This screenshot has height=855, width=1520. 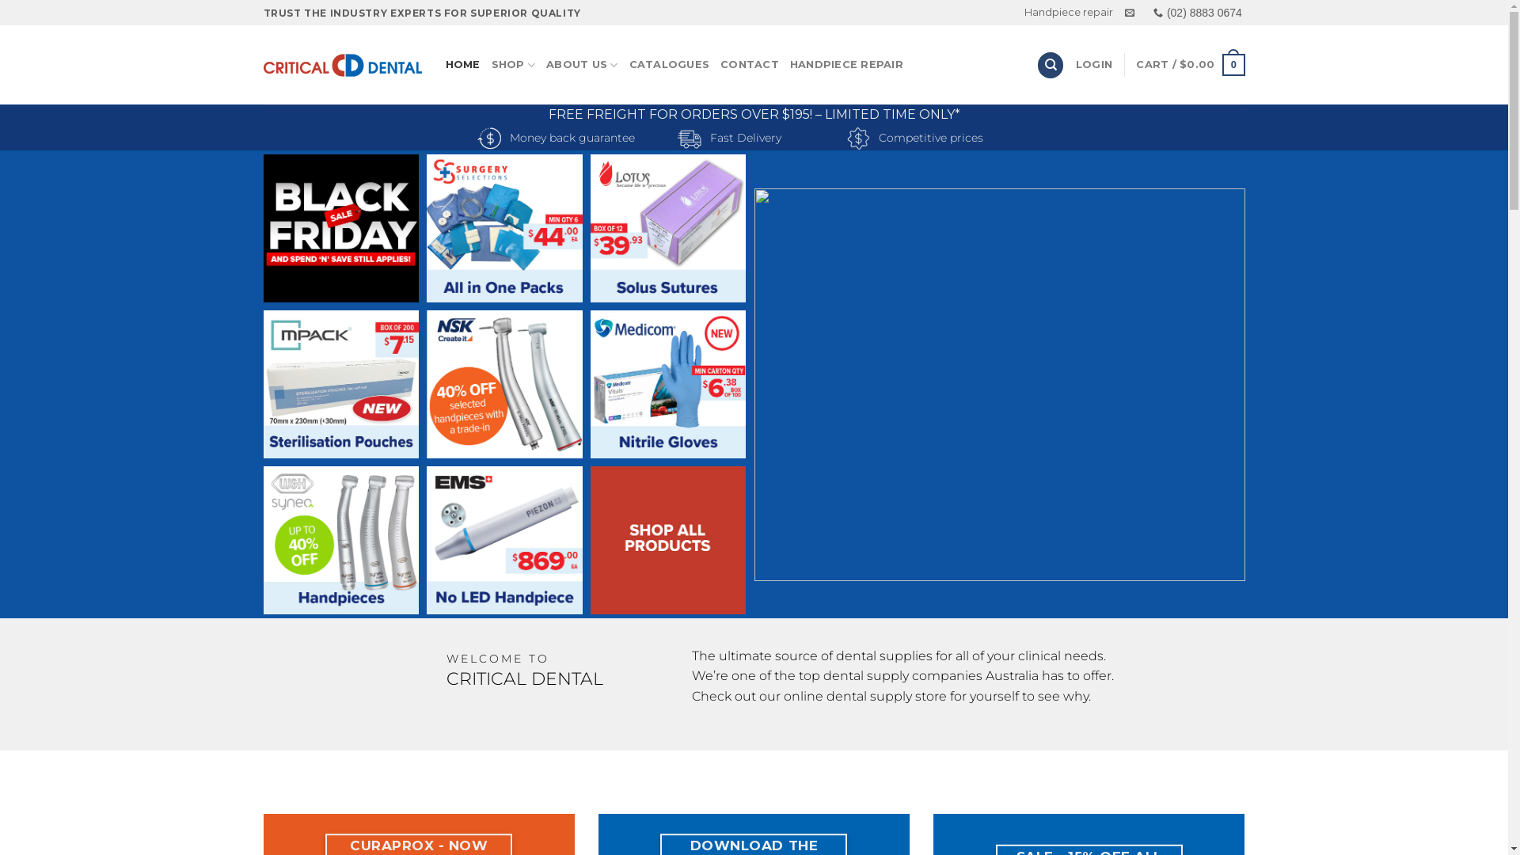 I want to click on 'CONTACT', so click(x=748, y=63).